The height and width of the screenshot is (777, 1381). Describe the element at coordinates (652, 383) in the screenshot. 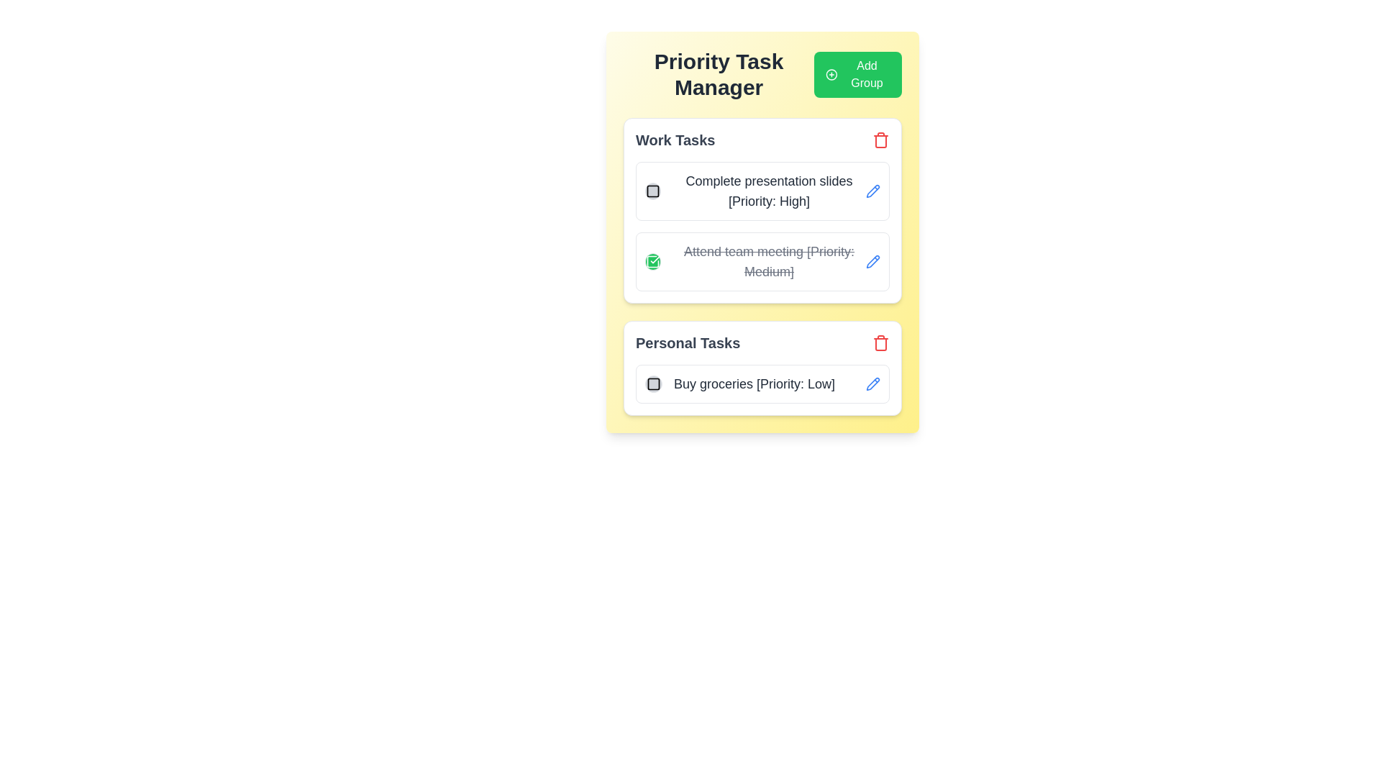

I see `the checkbox located next to the task 'Buy groceries [Priority: Low]' in the 'Personal Tasks' section` at that location.